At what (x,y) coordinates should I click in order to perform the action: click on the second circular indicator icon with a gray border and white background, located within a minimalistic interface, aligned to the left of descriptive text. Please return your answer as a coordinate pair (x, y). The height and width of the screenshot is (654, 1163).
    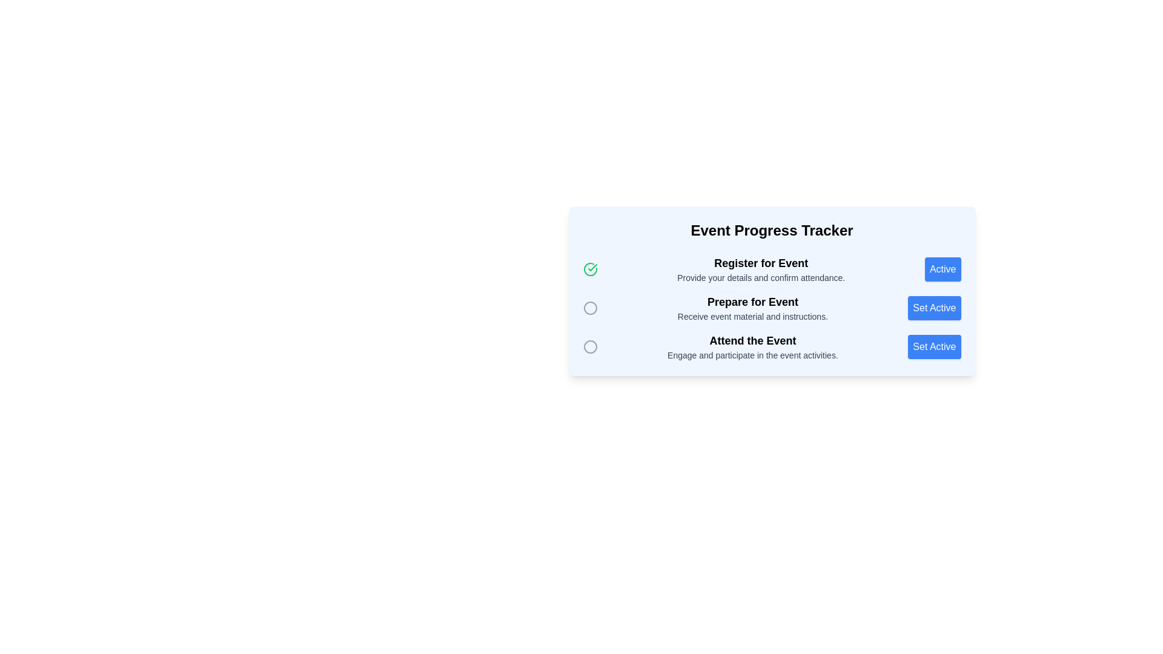
    Looking at the image, I should click on (590, 347).